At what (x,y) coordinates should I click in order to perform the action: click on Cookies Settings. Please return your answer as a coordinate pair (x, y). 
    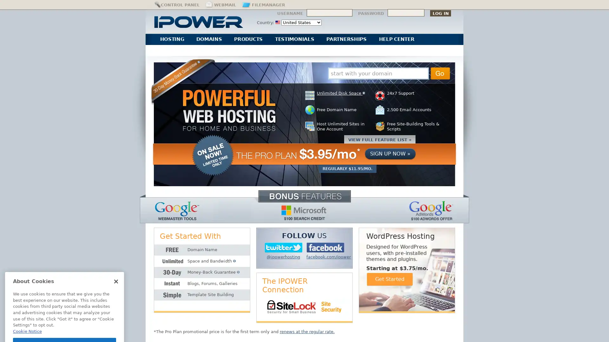
    Looking at the image, I should click on (64, 317).